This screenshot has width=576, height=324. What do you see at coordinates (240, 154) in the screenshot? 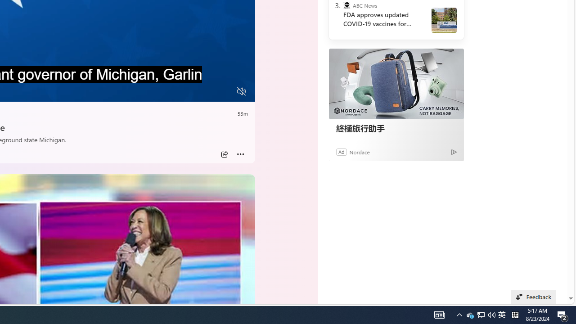
I see `'Class: at-item inline-watch'` at bounding box center [240, 154].